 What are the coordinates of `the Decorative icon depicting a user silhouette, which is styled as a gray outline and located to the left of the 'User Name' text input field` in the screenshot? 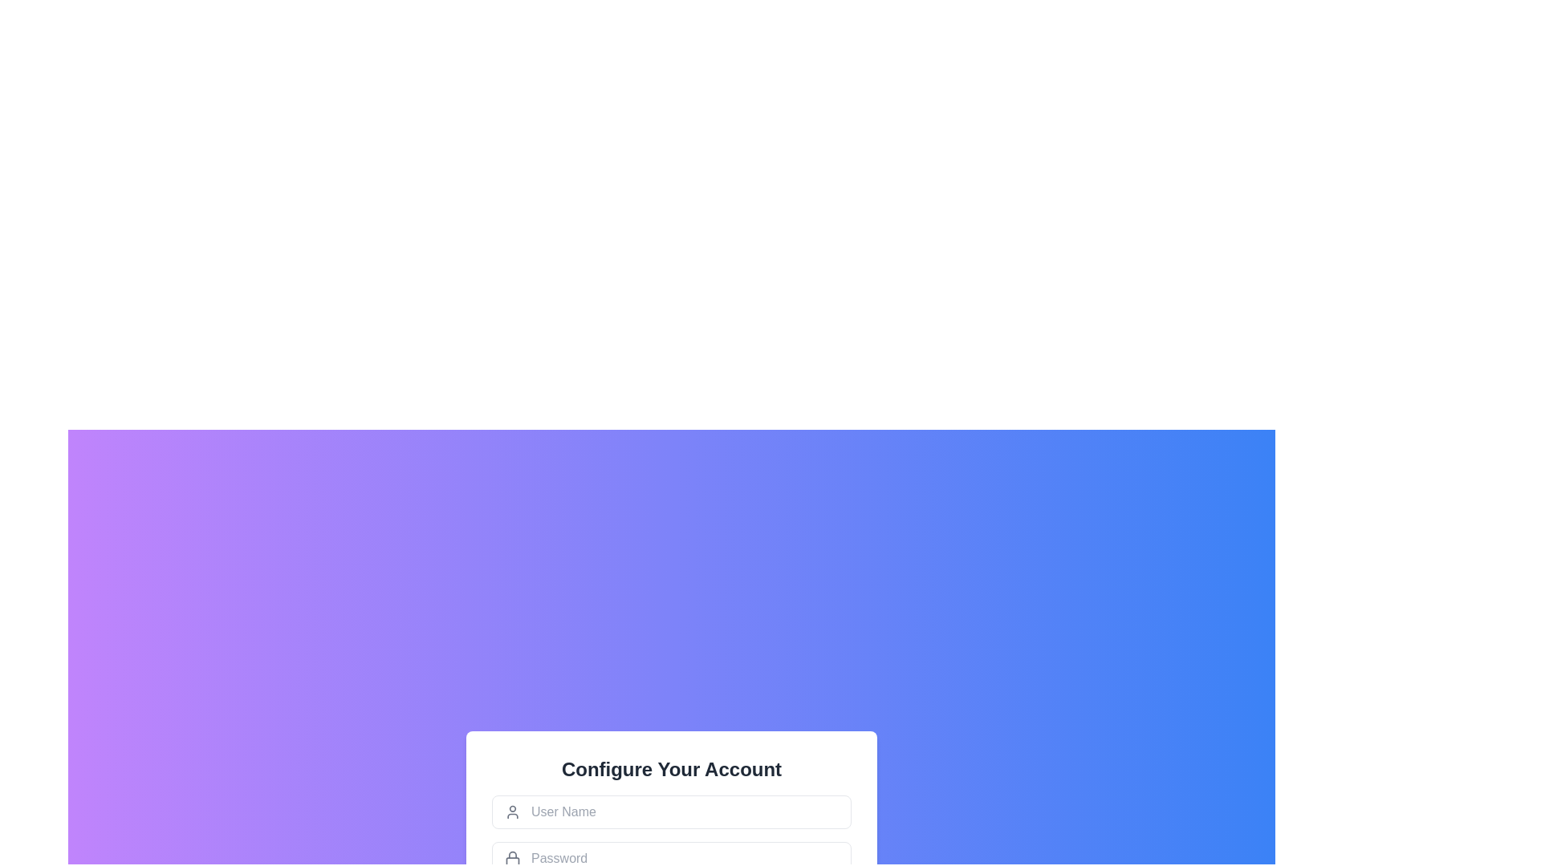 It's located at (511, 811).